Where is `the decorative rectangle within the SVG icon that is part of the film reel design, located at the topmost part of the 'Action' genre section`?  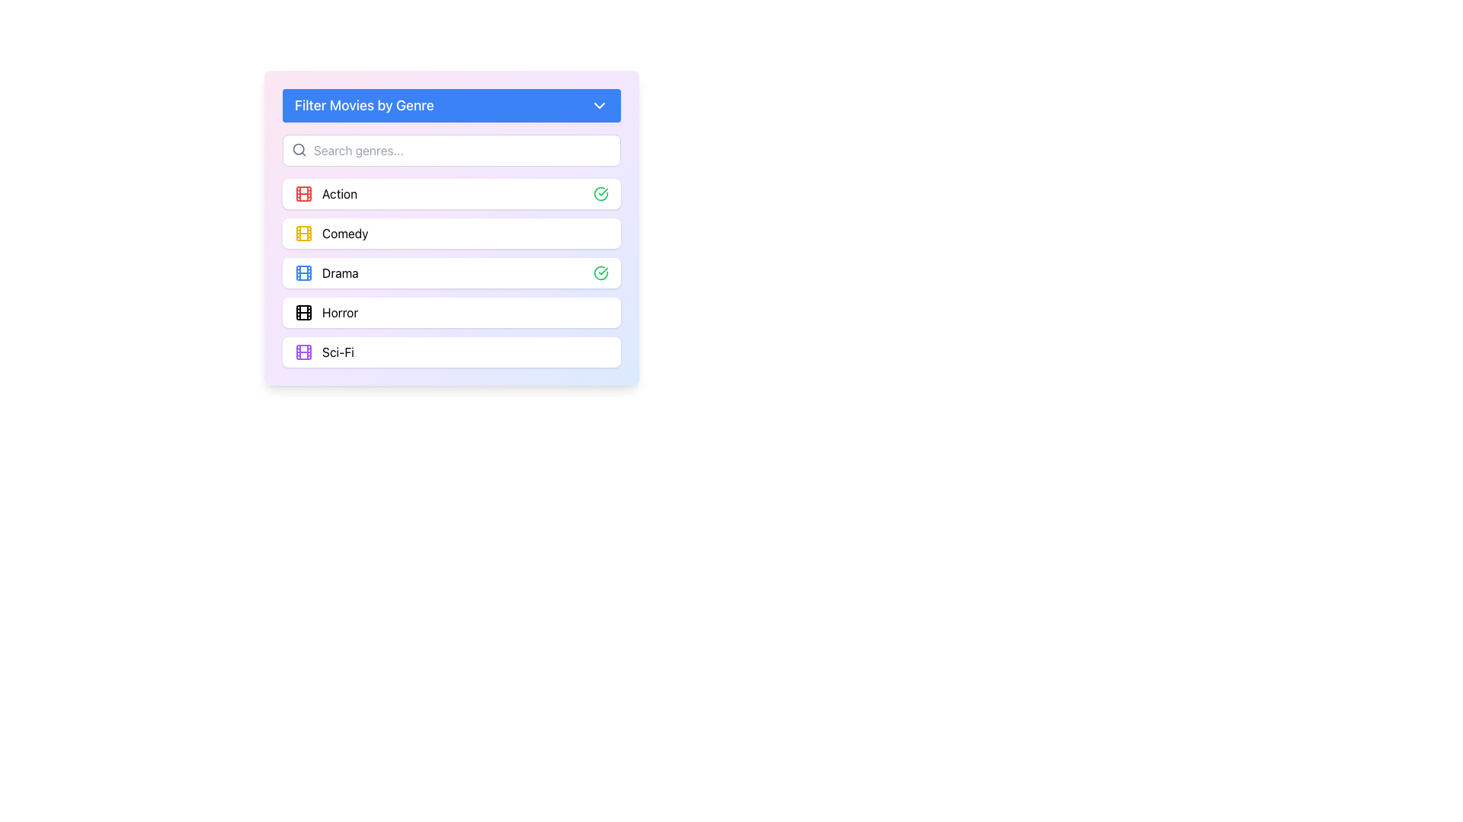 the decorative rectangle within the SVG icon that is part of the film reel design, located at the topmost part of the 'Action' genre section is located at coordinates (303, 193).